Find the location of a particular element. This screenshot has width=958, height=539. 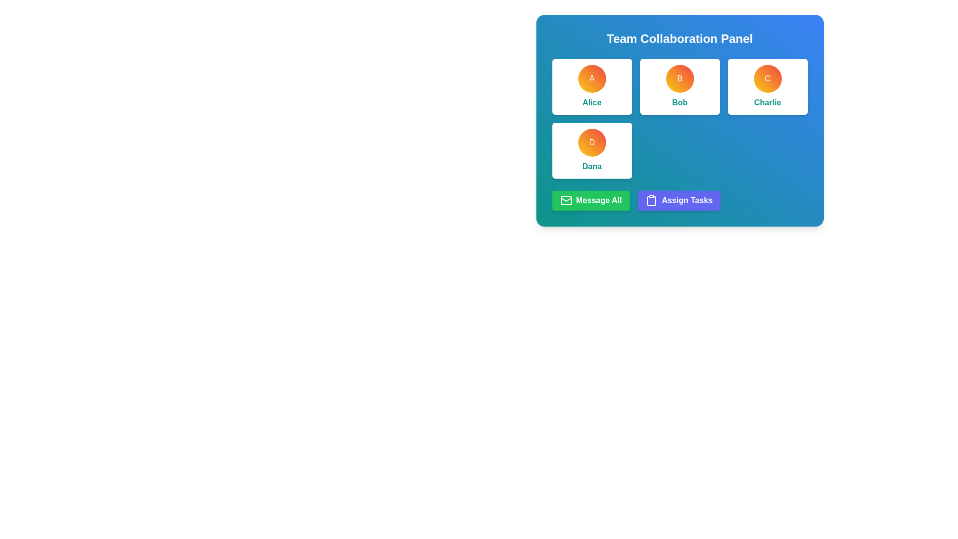

text label that displays 'Dana' in bold teal color, positioned within the white rounded box in the Team Collaboration Panel is located at coordinates (592, 166).